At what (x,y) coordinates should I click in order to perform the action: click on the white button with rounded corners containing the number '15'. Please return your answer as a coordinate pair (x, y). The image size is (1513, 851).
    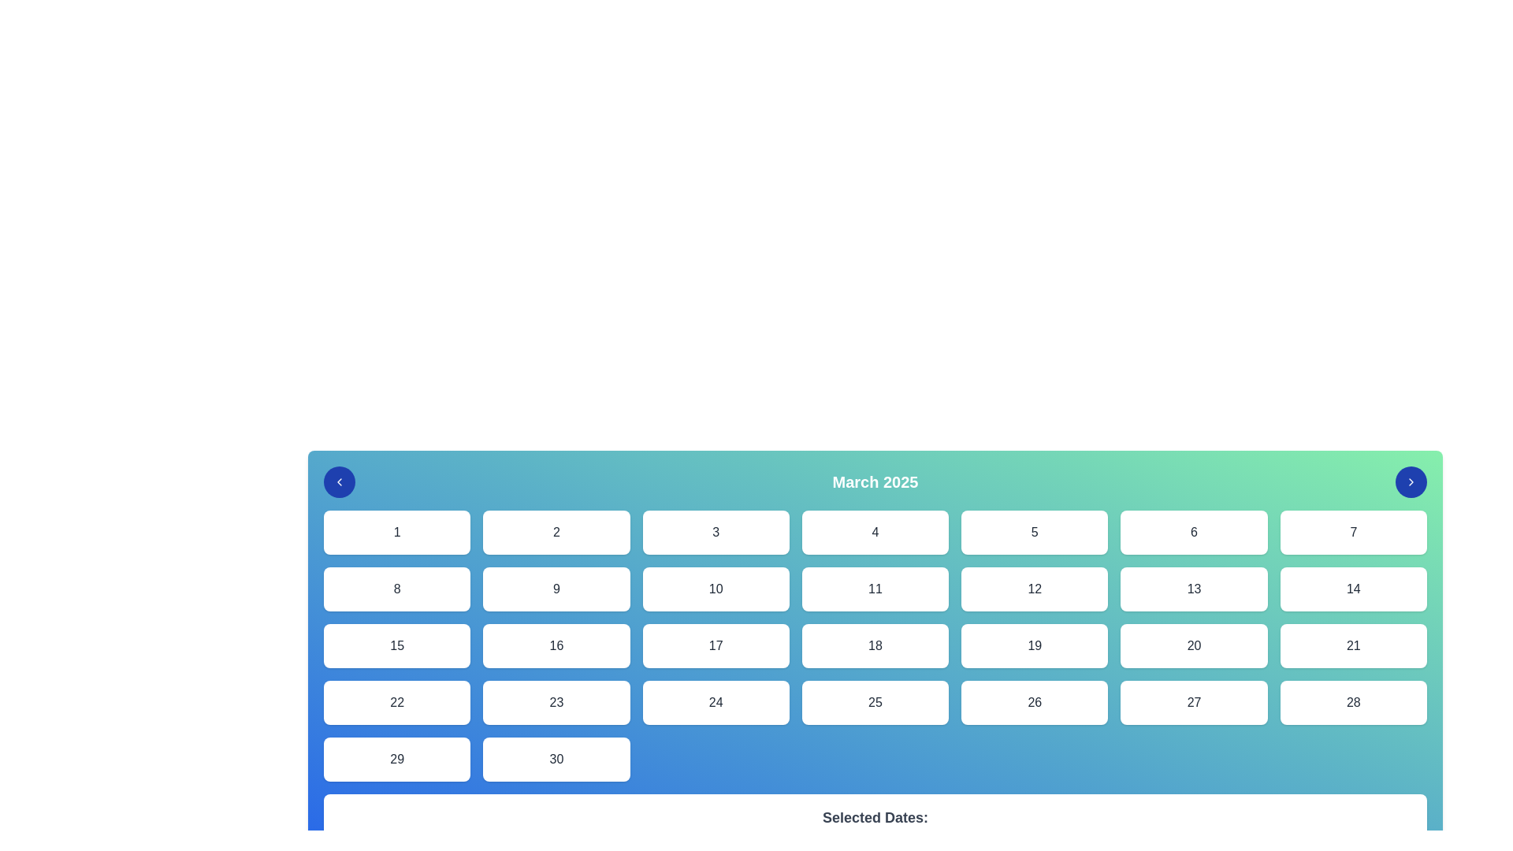
    Looking at the image, I should click on (397, 646).